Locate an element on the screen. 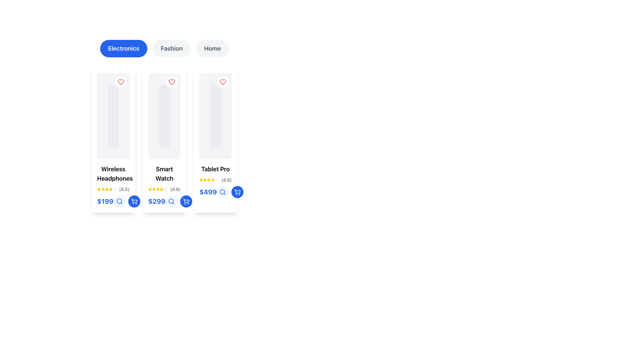 This screenshot has height=362, width=643. the blue-colored text displaying '$499' to interact with it is located at coordinates (215, 192).